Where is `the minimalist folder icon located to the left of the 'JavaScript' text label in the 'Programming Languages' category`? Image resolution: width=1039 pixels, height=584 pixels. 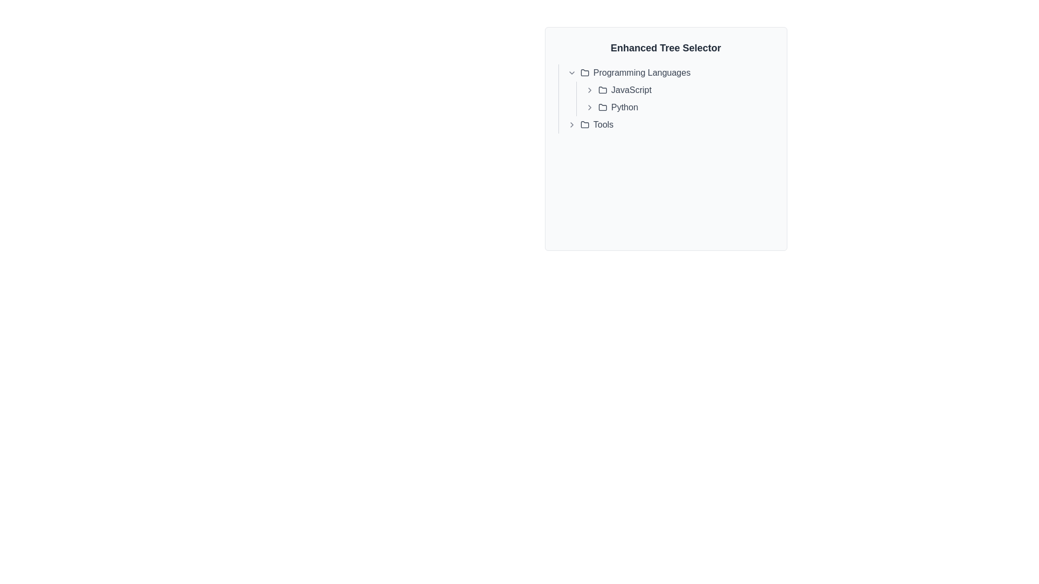 the minimalist folder icon located to the left of the 'JavaScript' text label in the 'Programming Languages' category is located at coordinates (602, 89).